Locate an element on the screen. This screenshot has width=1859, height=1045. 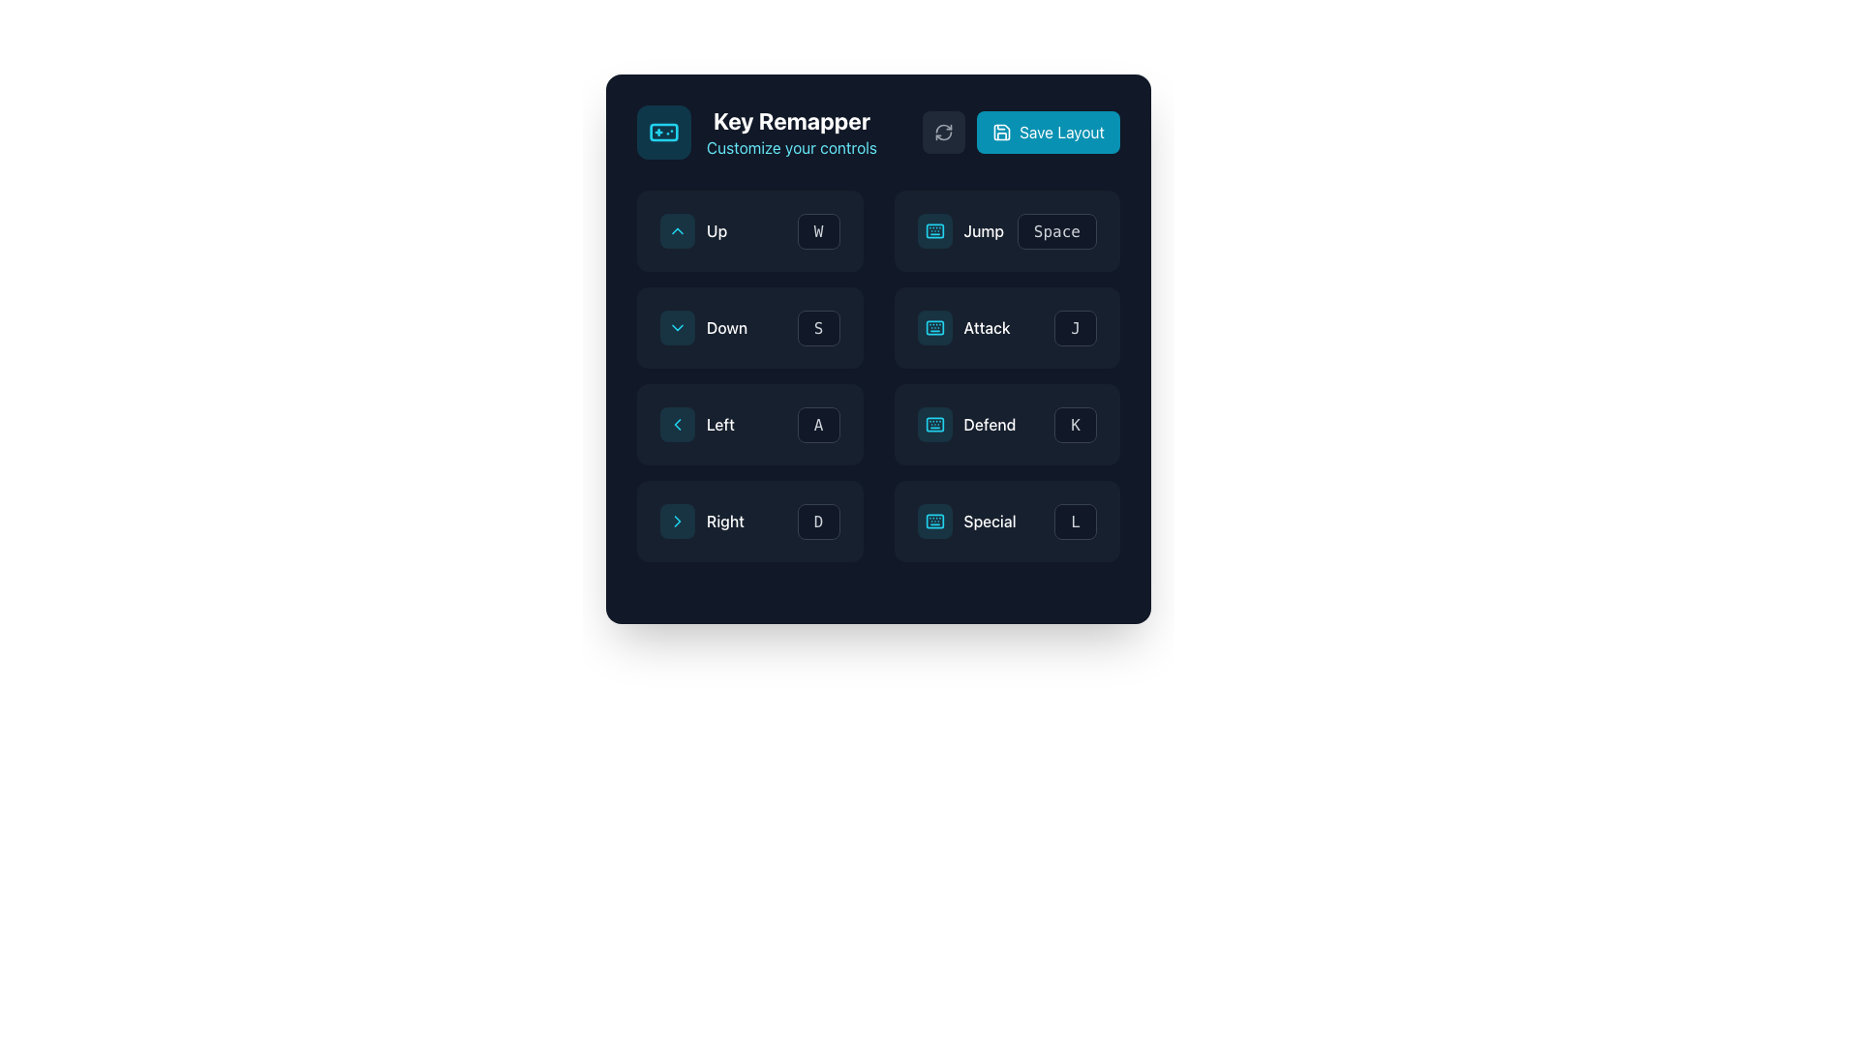
the 'Jump' control mapping button is located at coordinates (1007, 230).